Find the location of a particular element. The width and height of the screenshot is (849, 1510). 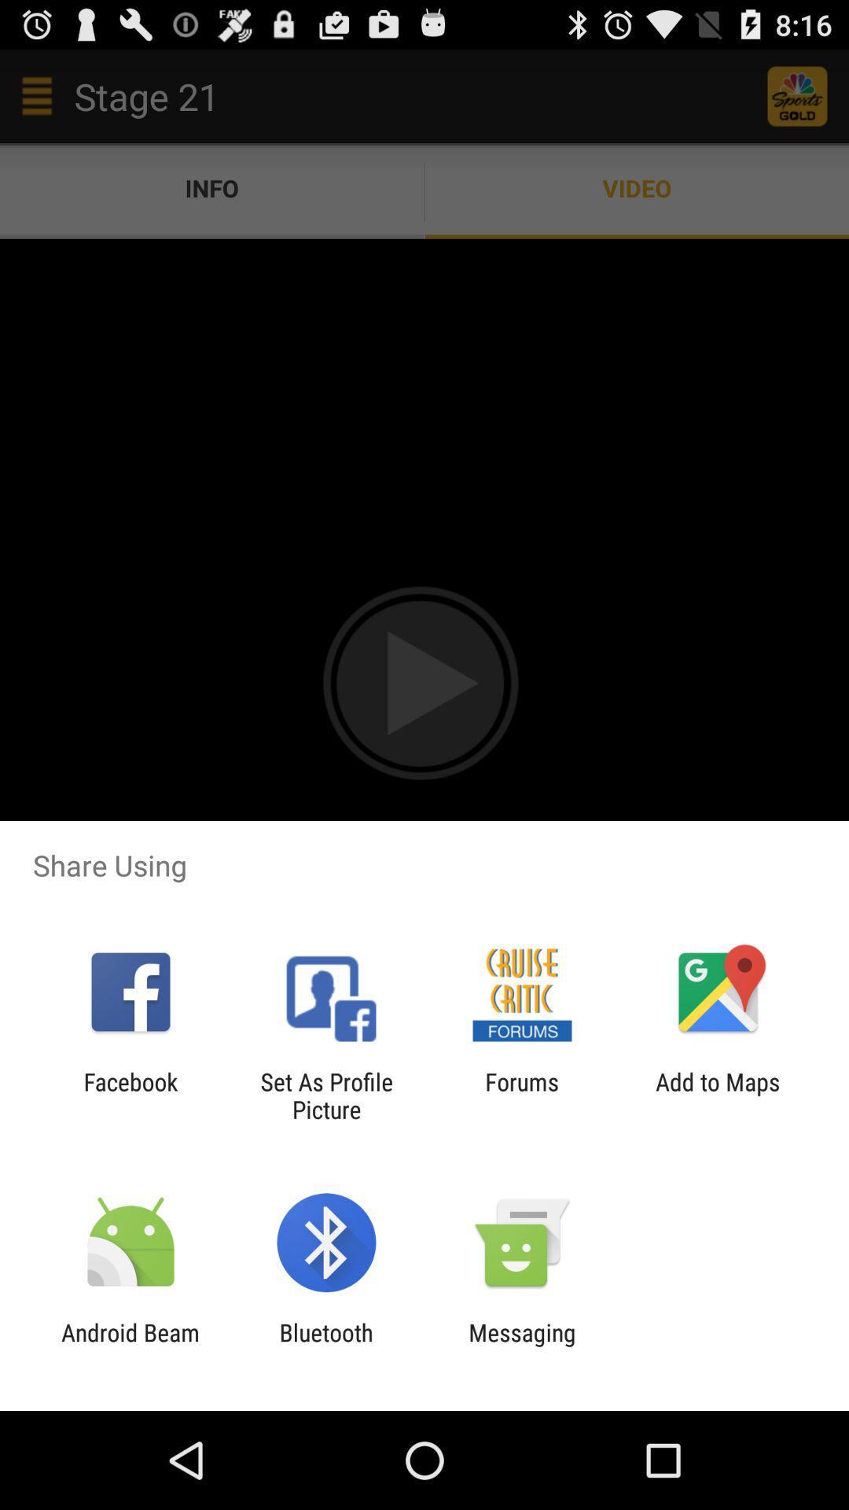

app next to the add to maps app is located at coordinates (522, 1095).